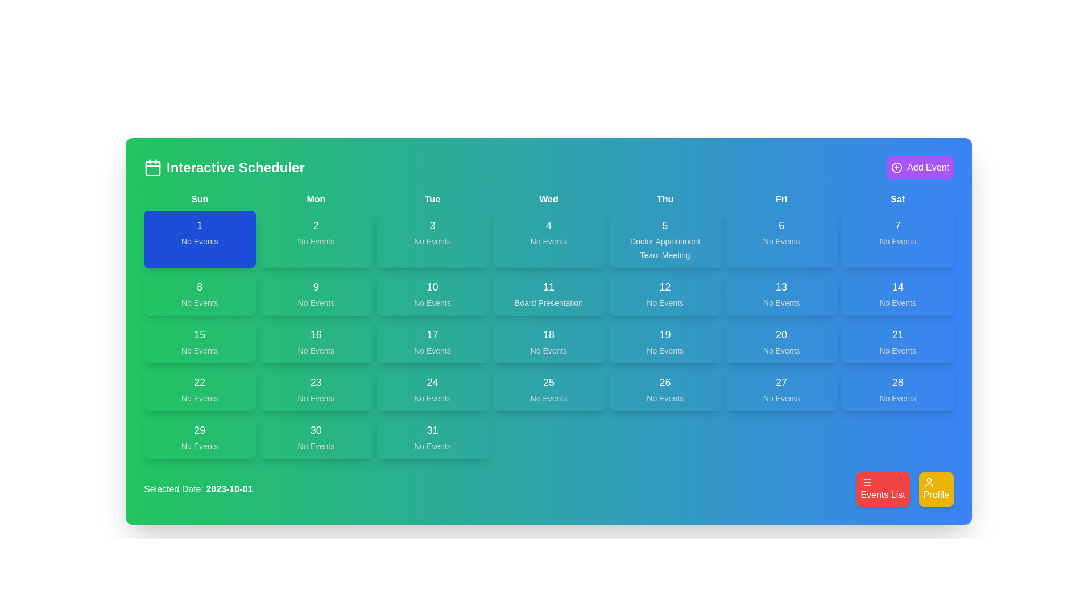  What do you see at coordinates (897, 238) in the screenshot?
I see `the Calendar day cell displaying the number '7' with a light blue background and the text 'No Events' underneath, located under the 'Sat' heading in the seventh column of the calendar grid` at bounding box center [897, 238].